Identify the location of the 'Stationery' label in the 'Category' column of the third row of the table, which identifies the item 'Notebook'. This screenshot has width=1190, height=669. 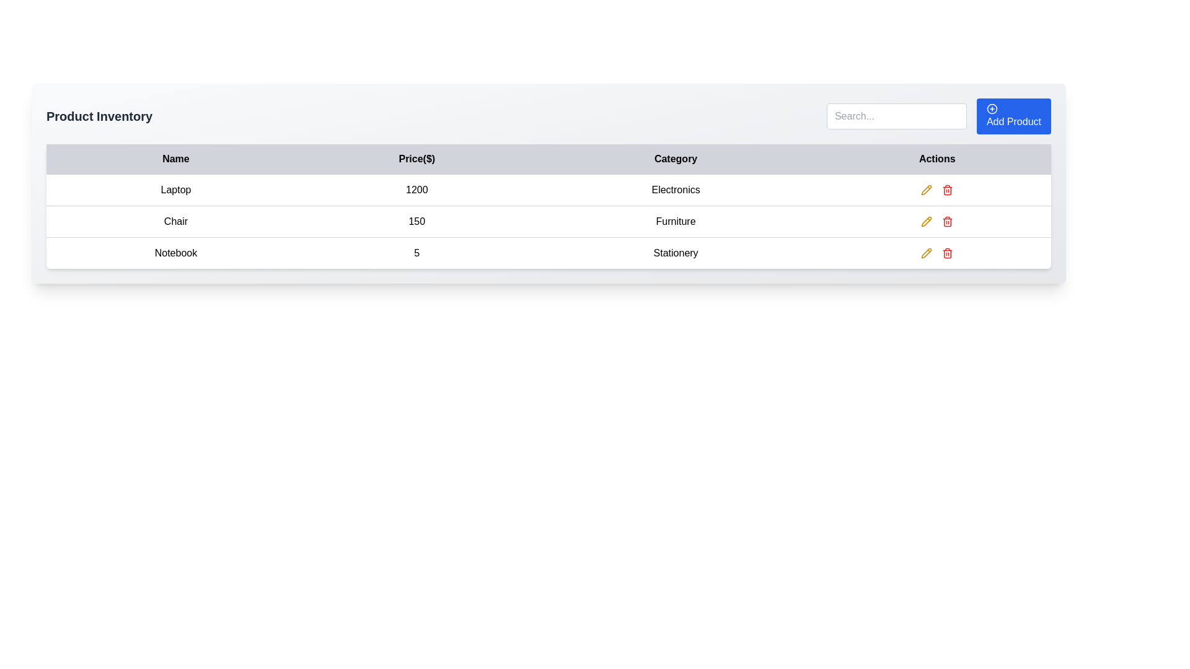
(675, 252).